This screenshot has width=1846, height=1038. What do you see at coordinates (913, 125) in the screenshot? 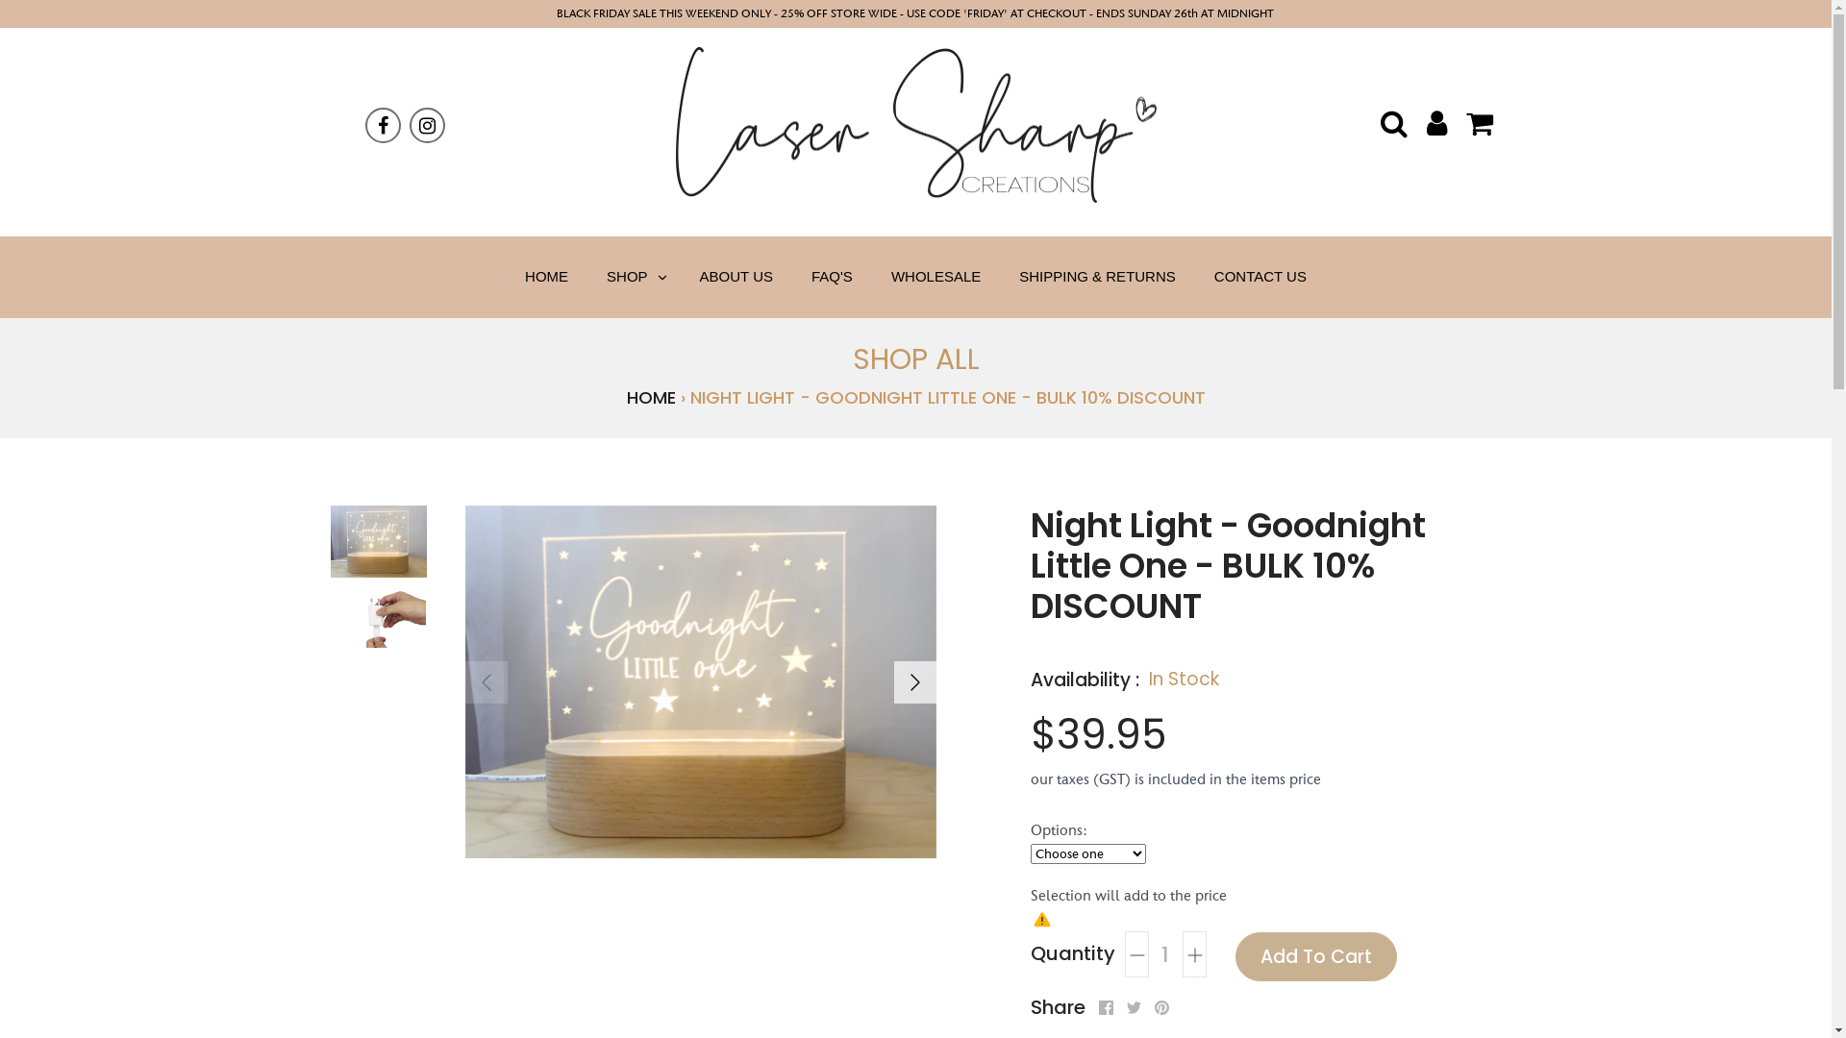
I see `'Laser Sharp Creations'` at bounding box center [913, 125].